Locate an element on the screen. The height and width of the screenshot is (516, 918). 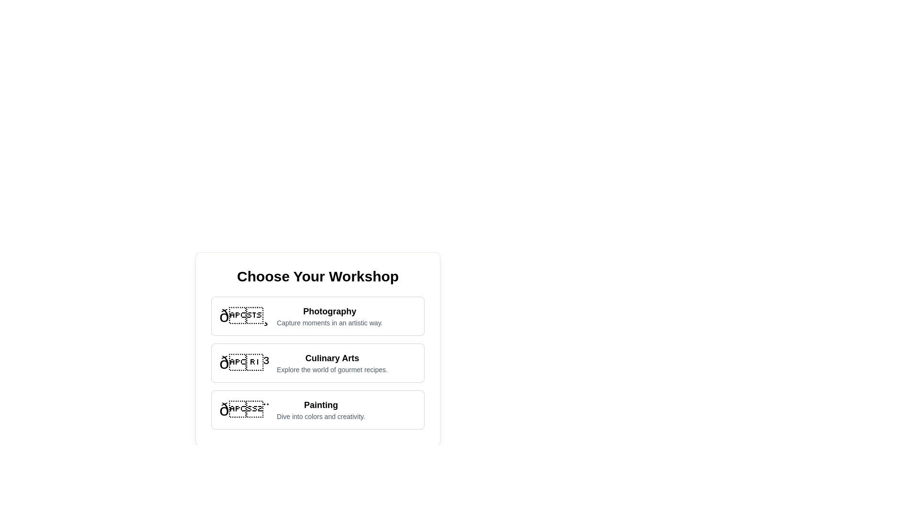
the culinary arts workshop icon located in the second option of a vertically stacked group of cards, positioned to the far left of the text 'Culinary Arts' and 'Explore the world of gourmet recipes' is located at coordinates (244, 363).